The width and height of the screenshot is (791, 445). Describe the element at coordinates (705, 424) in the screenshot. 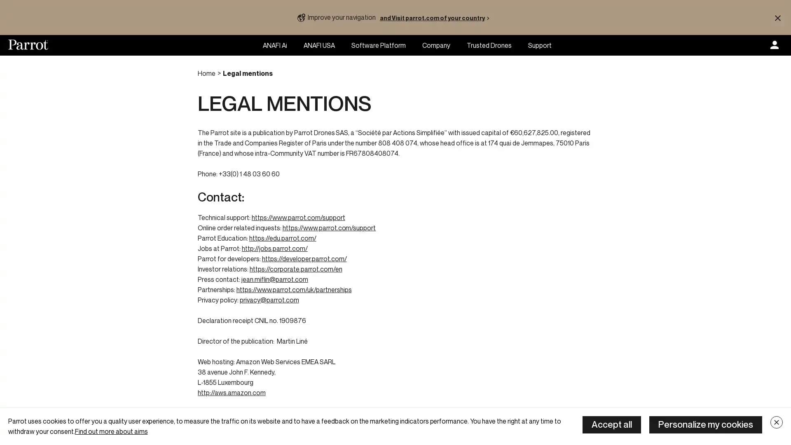

I see `Personalize my cookies` at that location.